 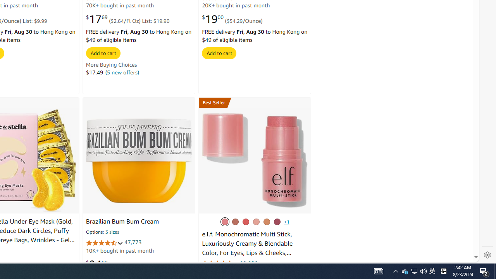 What do you see at coordinates (139, 160) in the screenshot?
I see `'SOL DE JANEIRO Brazilian Bum Bum Cream'` at bounding box center [139, 160].